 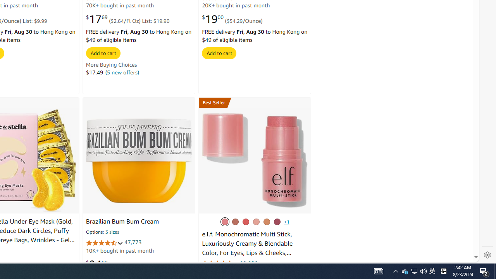 What do you see at coordinates (139, 160) in the screenshot?
I see `'SOL DE JANEIRO Brazilian Bum Bum Cream'` at bounding box center [139, 160].